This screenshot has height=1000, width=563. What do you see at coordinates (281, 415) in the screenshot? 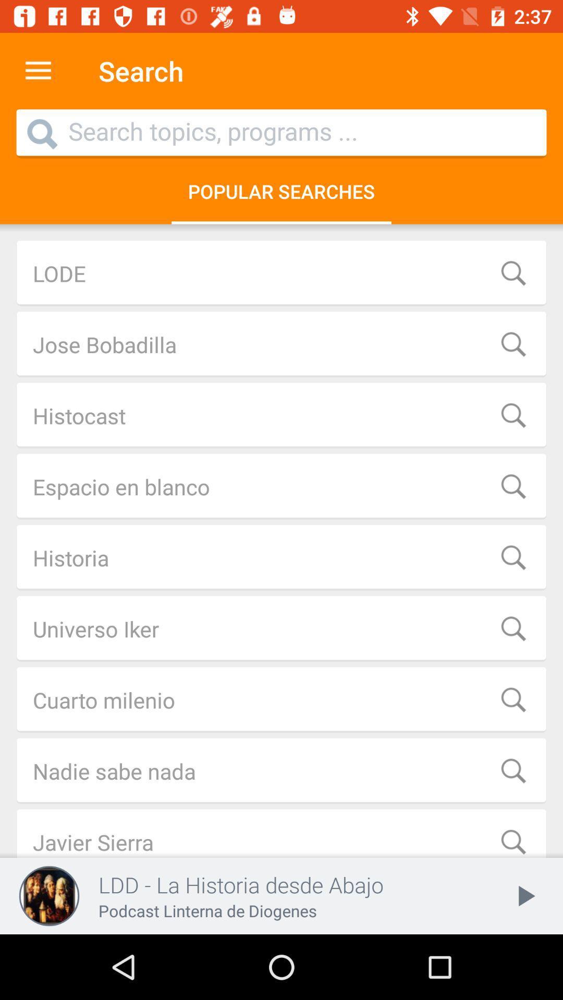
I see `the icon below the jose bobadilla` at bounding box center [281, 415].